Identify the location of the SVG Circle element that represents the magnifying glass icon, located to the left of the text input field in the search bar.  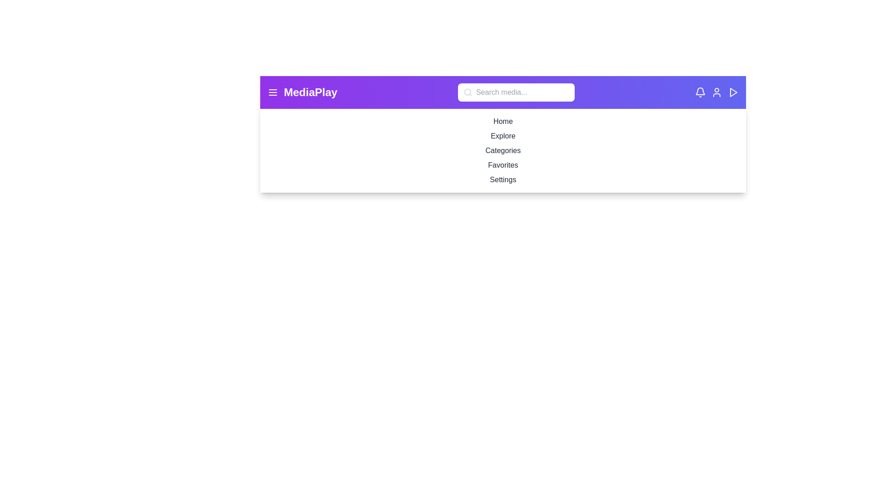
(467, 92).